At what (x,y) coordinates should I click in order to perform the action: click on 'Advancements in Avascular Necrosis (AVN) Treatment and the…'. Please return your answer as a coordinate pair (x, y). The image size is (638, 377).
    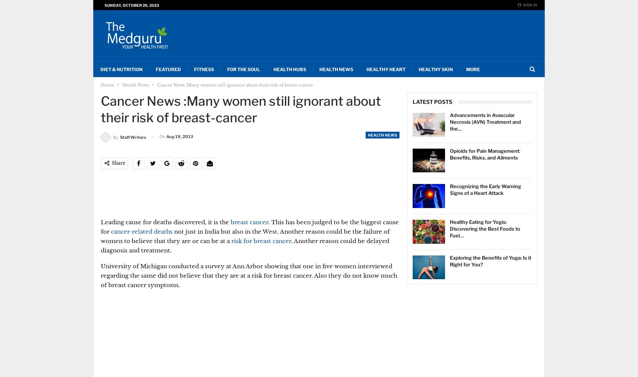
    Looking at the image, I should click on (485, 122).